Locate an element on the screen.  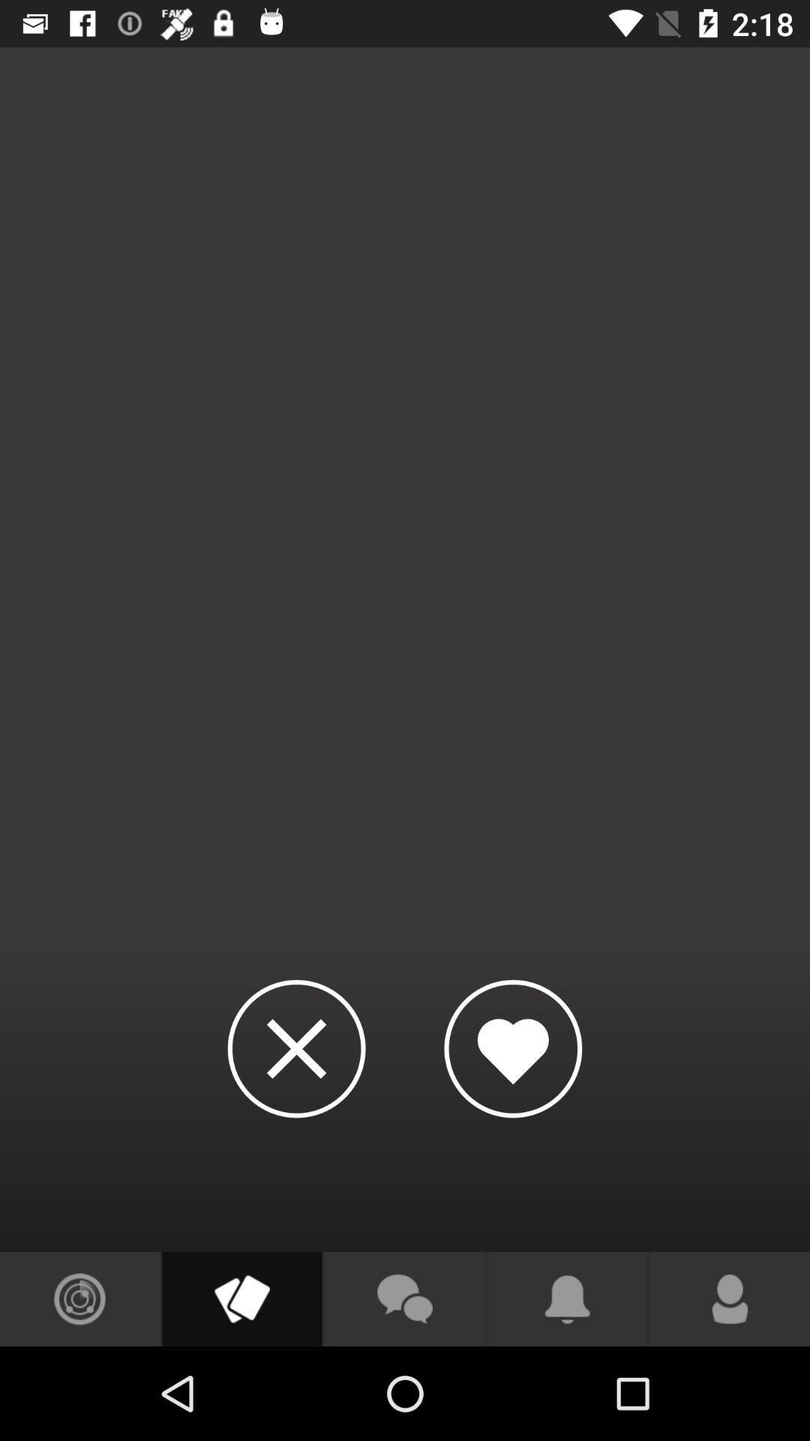
the microphone icon is located at coordinates (729, 1298).